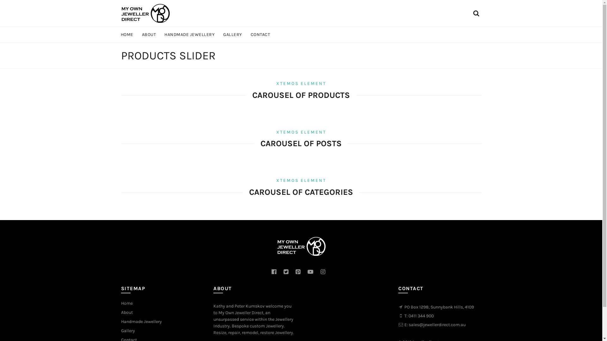 The height and width of the screenshot is (341, 607). Describe the element at coordinates (160, 35) in the screenshot. I see `'HANDMADE JEWELLERY'` at that location.